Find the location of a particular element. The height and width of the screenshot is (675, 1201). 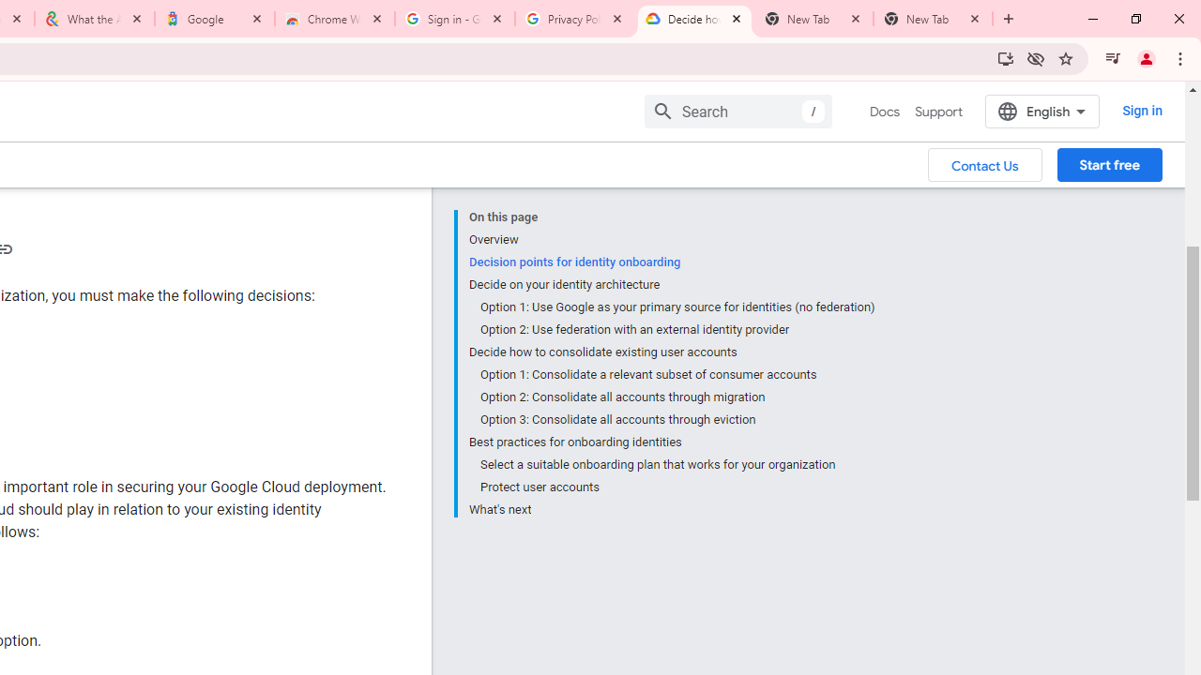

'English' is located at coordinates (1041, 111).